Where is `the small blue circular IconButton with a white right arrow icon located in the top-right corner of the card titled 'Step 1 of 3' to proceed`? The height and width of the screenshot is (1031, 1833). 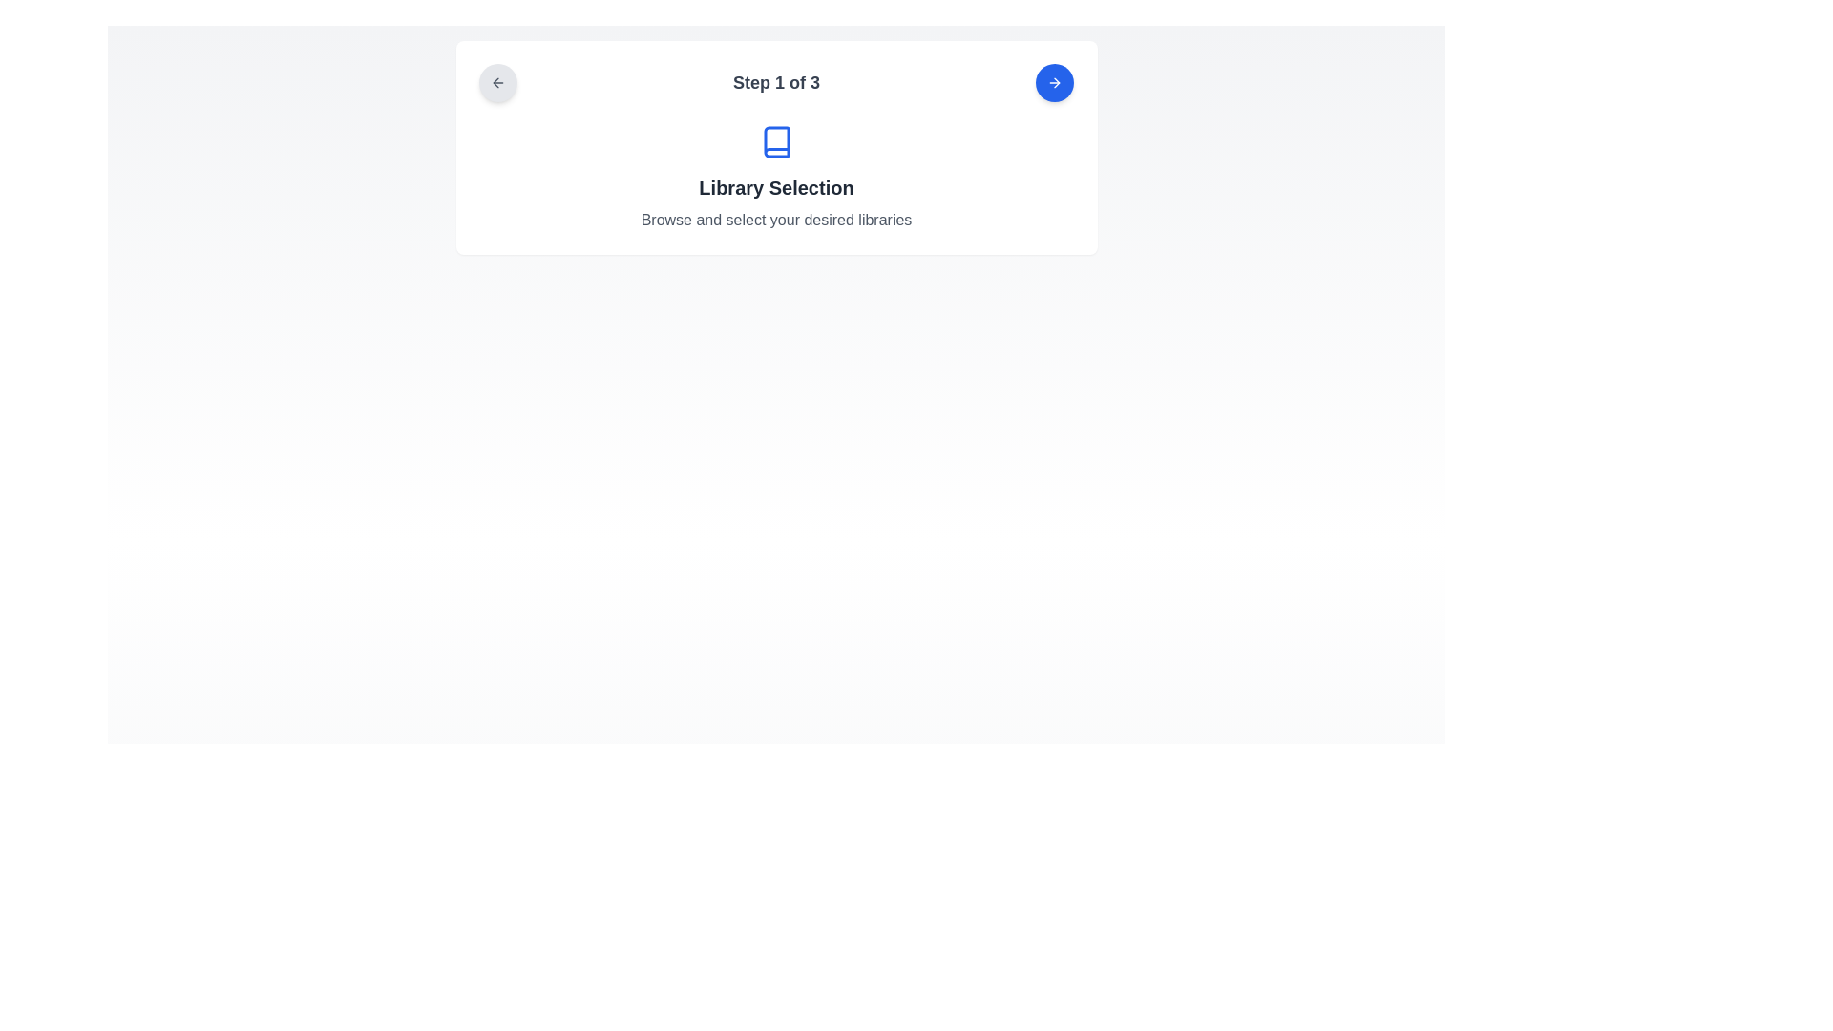 the small blue circular IconButton with a white right arrow icon located in the top-right corner of the card titled 'Step 1 of 3' to proceed is located at coordinates (1054, 82).